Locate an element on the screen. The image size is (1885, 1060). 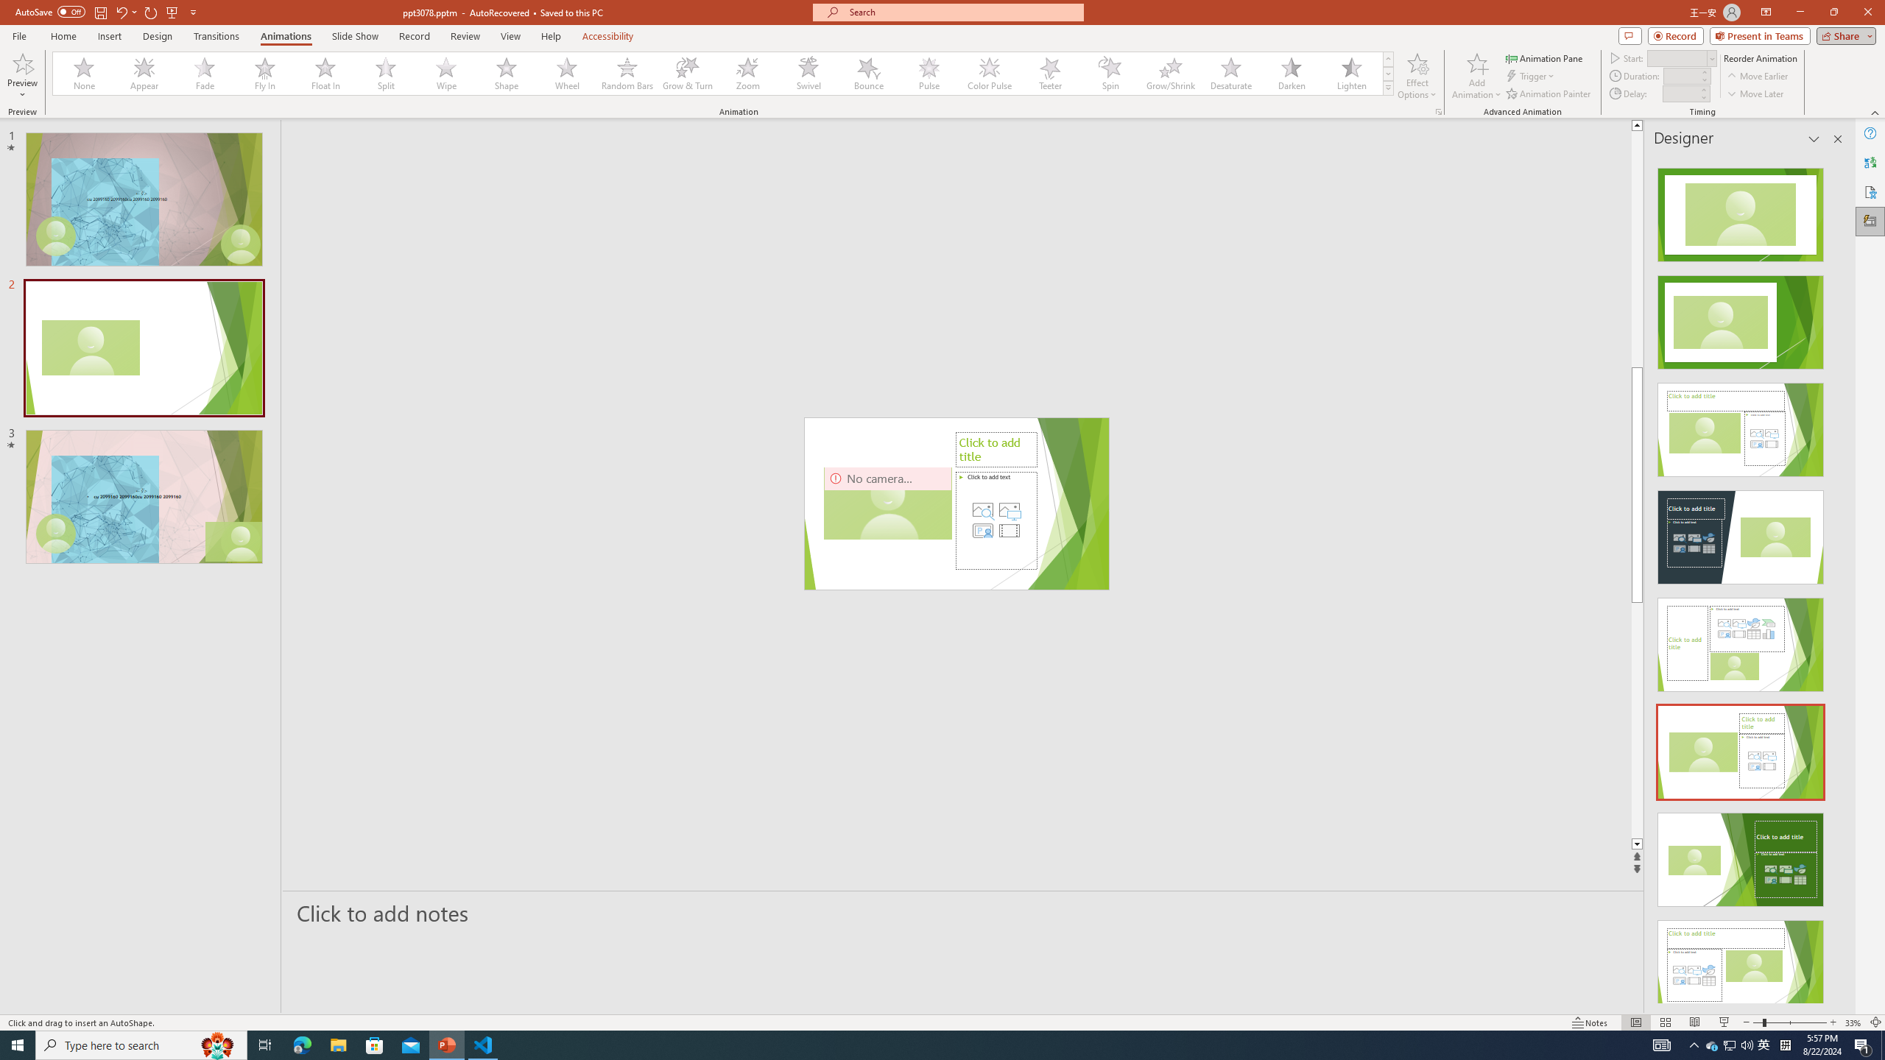
'Shape' is located at coordinates (507, 73).